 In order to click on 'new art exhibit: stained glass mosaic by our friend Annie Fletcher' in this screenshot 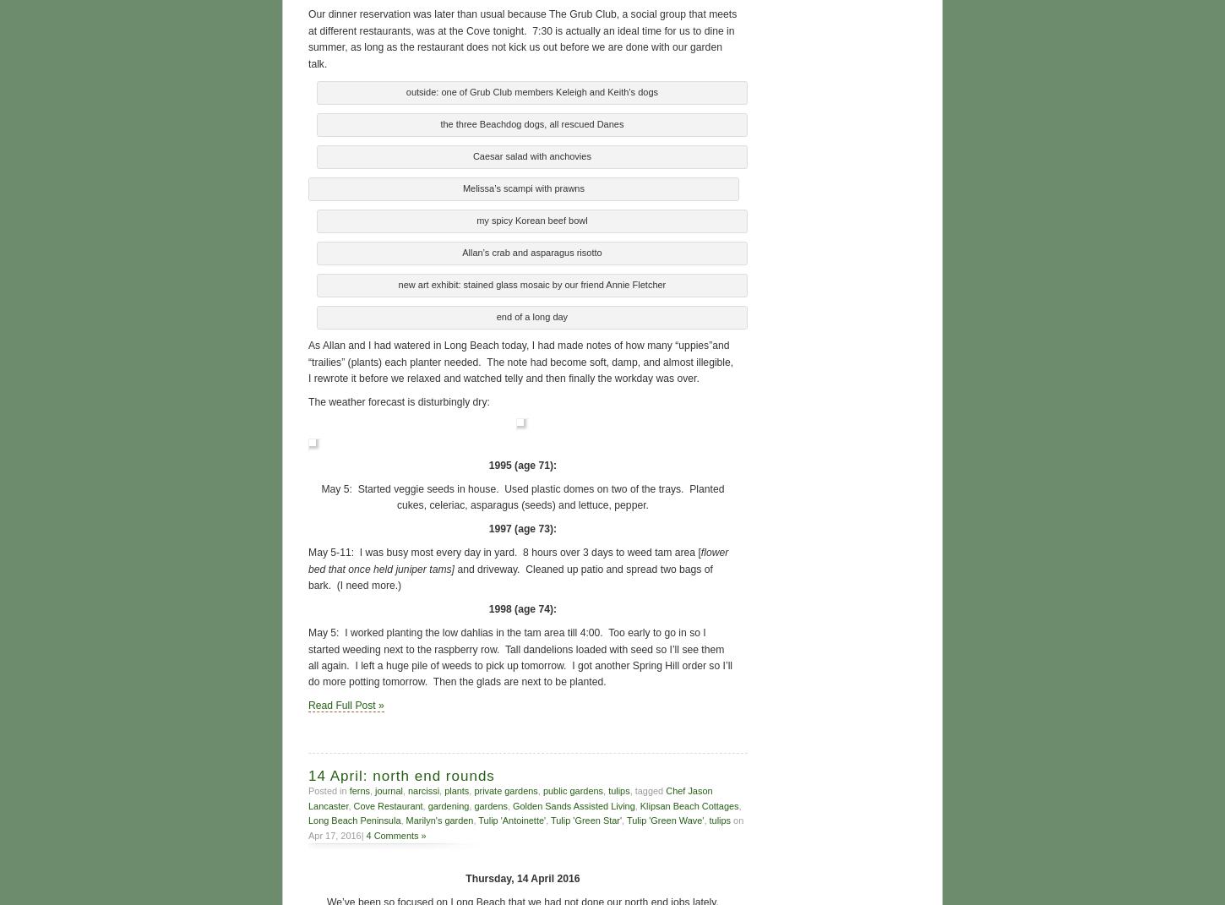, I will do `click(531, 282)`.